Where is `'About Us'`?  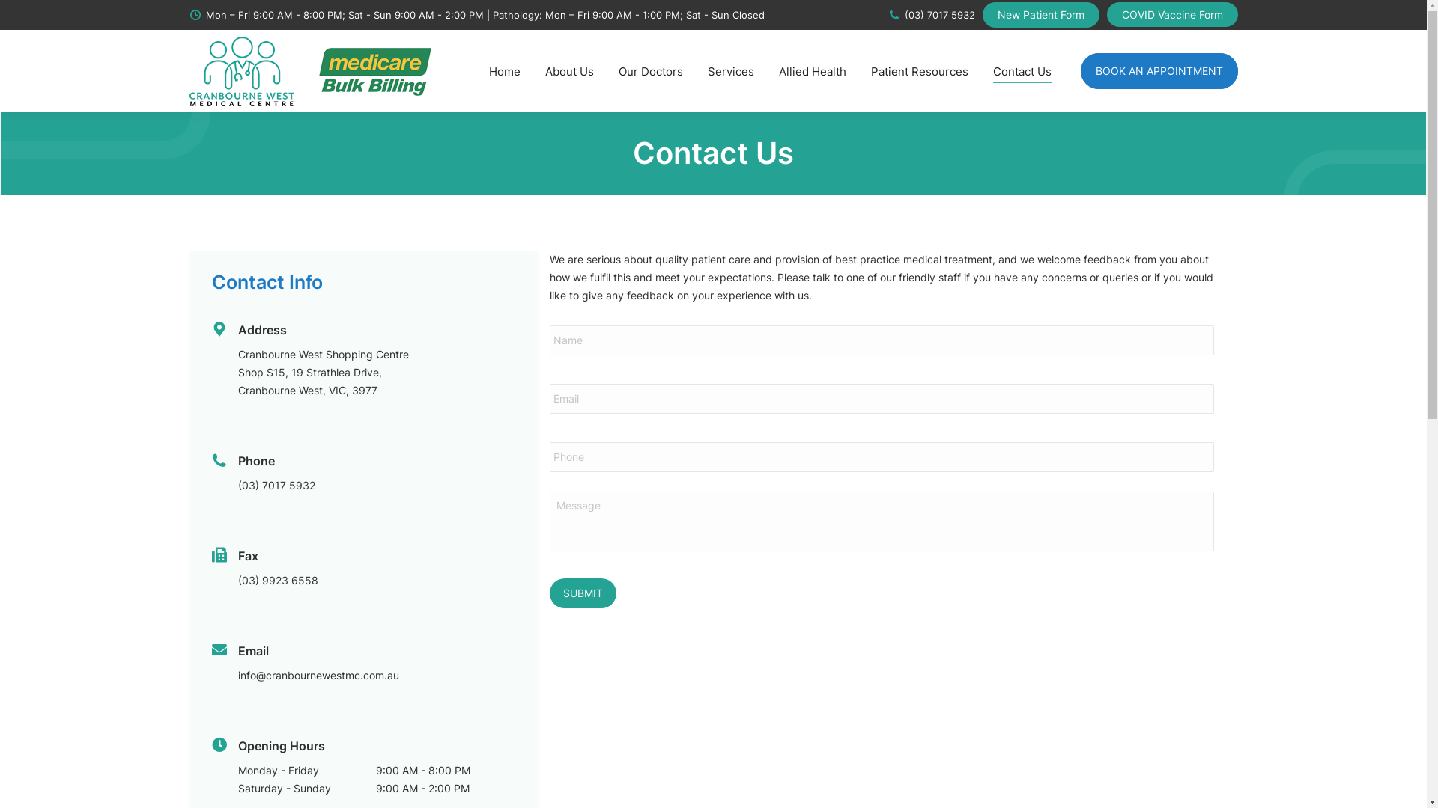
'About Us' is located at coordinates (568, 71).